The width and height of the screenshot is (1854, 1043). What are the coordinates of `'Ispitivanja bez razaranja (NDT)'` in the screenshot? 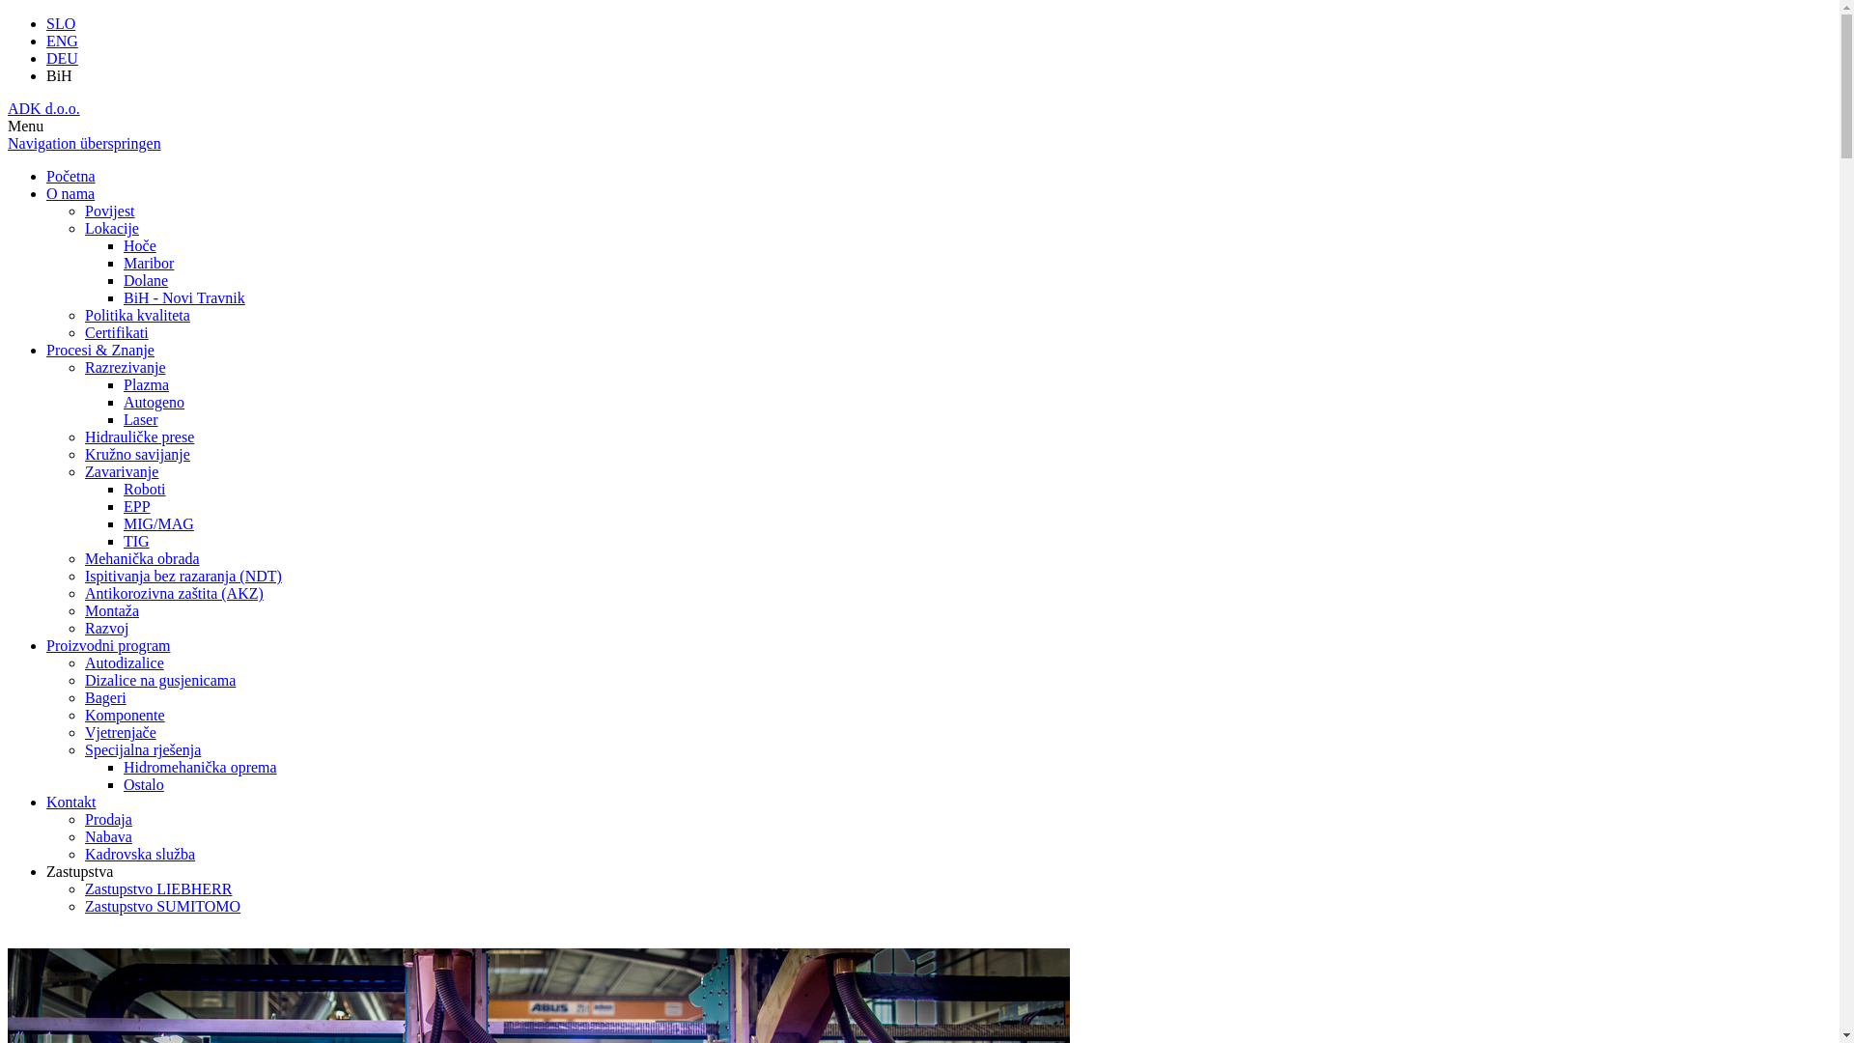 It's located at (183, 575).